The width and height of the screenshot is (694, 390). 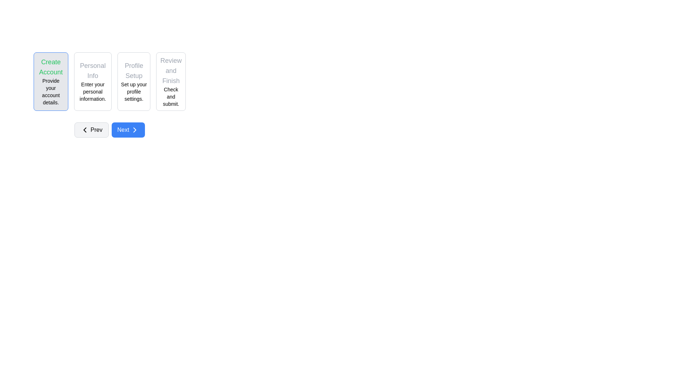 I want to click on the informational card that provides details about setting up a user profile, positioned third in a sequence of four cards, between 'Personal Info' and 'Review and Finish', so click(x=134, y=81).